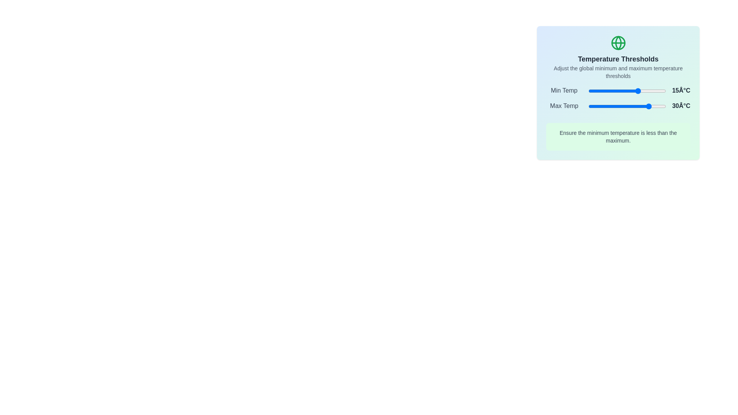 The width and height of the screenshot is (738, 415). I want to click on the maximum temperature slider to 36°C, so click(655, 106).